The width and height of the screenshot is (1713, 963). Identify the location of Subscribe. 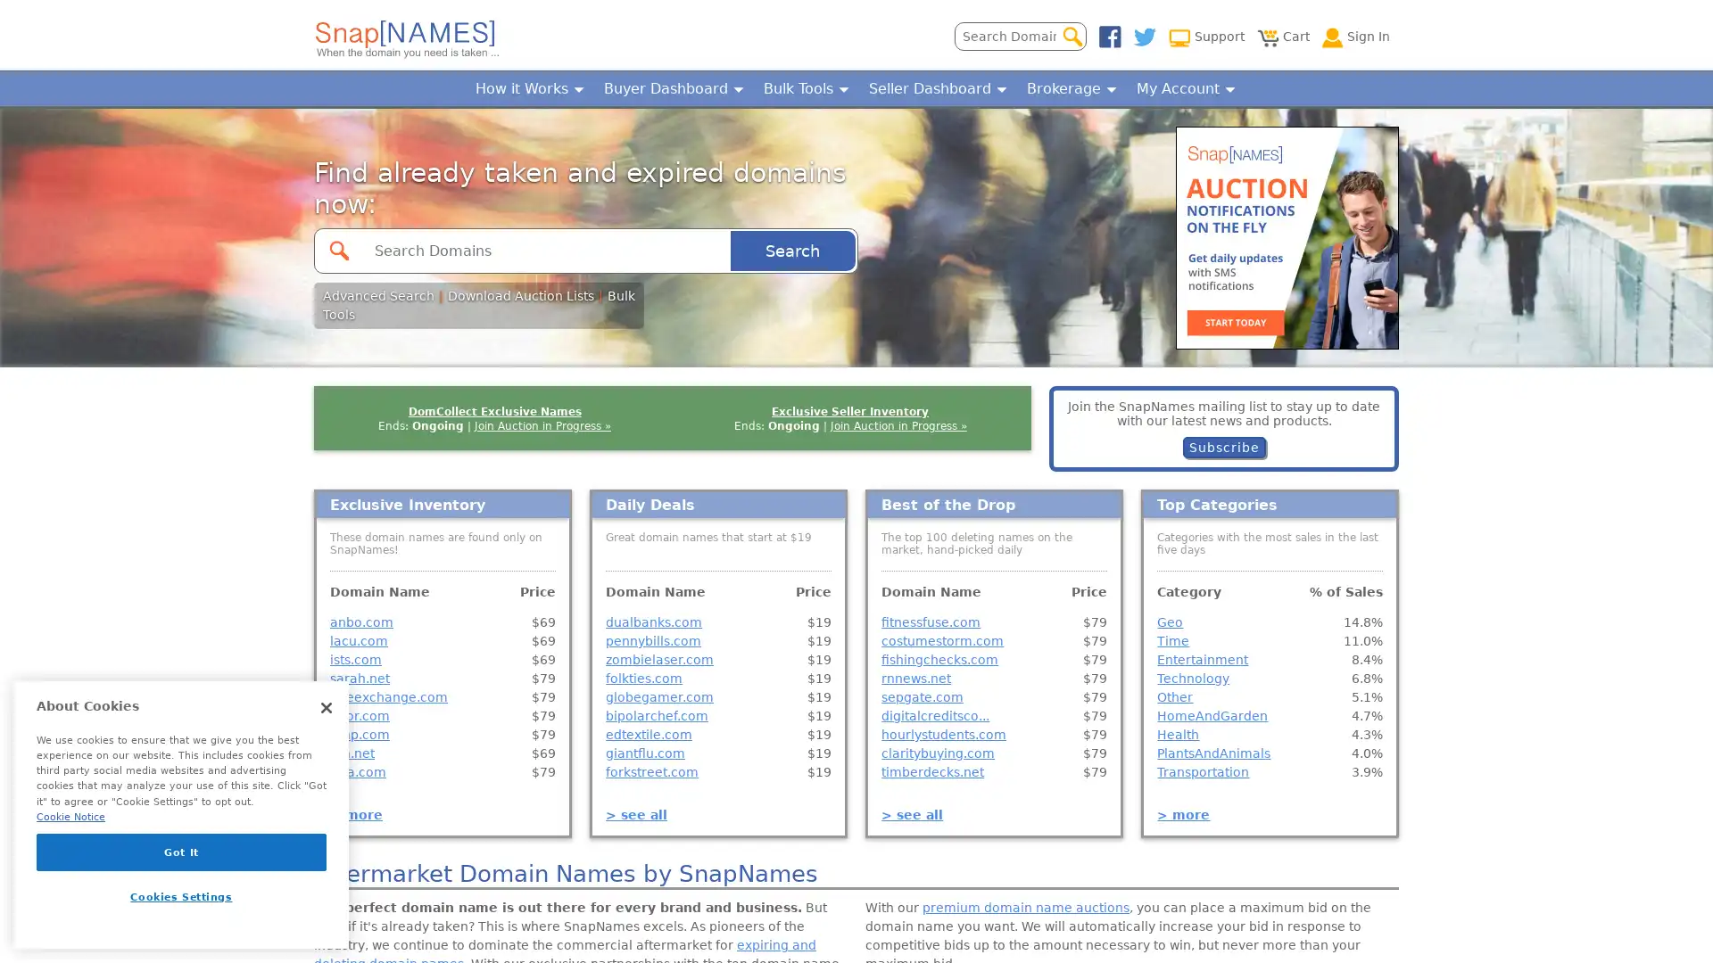
(1222, 446).